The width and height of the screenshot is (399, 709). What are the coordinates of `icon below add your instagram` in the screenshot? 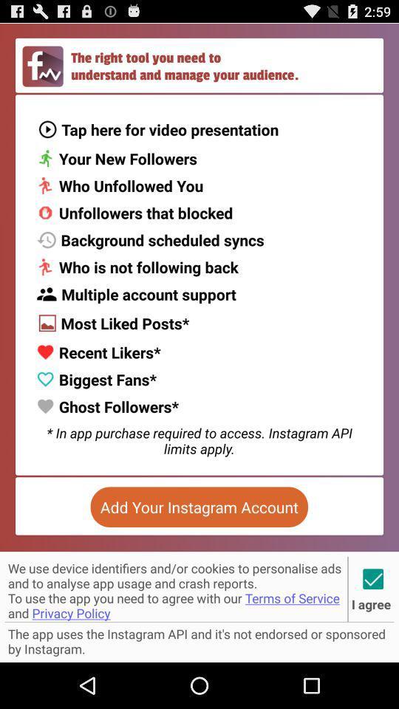 It's located at (176, 589).